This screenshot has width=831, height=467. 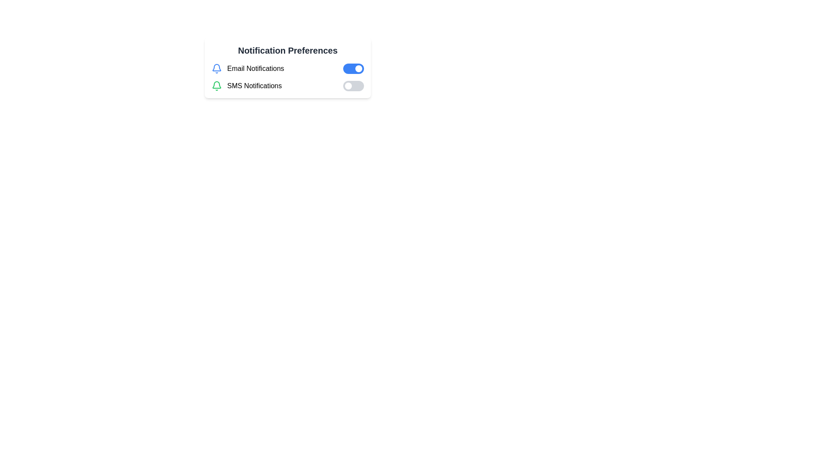 What do you see at coordinates (288, 67) in the screenshot?
I see `the toggle switch for email notifications in the Notification preference card` at bounding box center [288, 67].